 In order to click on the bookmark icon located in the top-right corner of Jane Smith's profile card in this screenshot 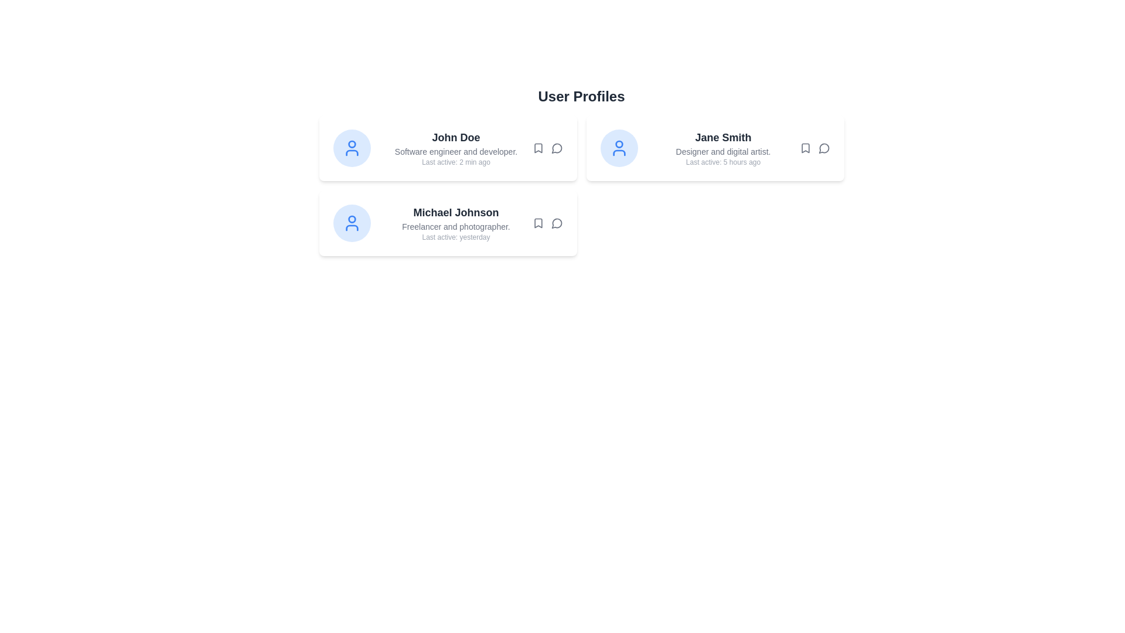, I will do `click(804, 148)`.